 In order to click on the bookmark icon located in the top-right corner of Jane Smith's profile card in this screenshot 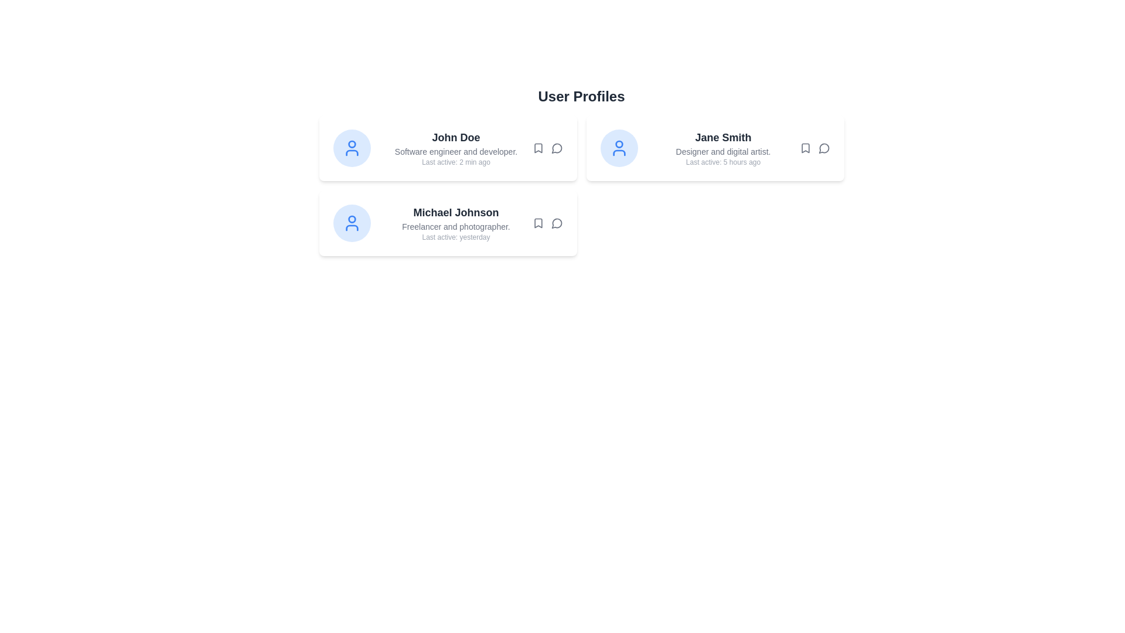, I will do `click(804, 148)`.